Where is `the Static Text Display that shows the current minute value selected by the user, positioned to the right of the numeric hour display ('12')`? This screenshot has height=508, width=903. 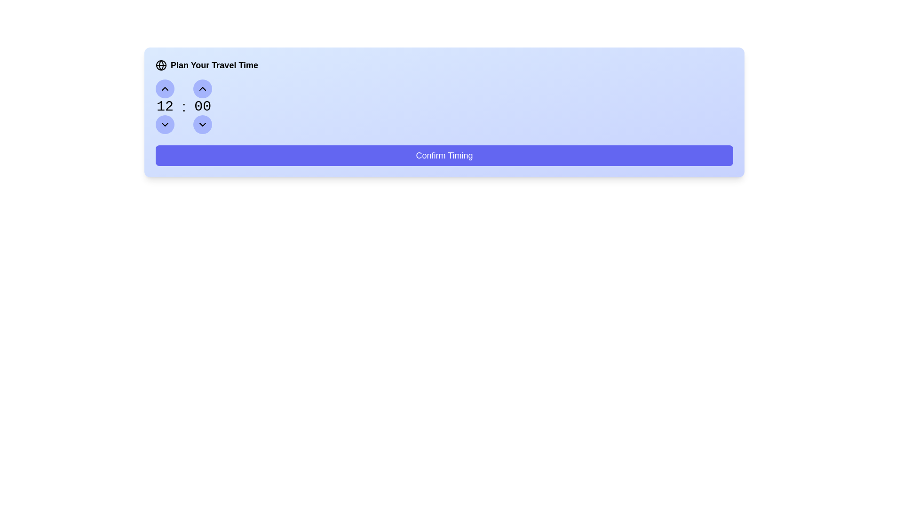
the Static Text Display that shows the current minute value selected by the user, positioned to the right of the numeric hour display ('12') is located at coordinates (202, 106).